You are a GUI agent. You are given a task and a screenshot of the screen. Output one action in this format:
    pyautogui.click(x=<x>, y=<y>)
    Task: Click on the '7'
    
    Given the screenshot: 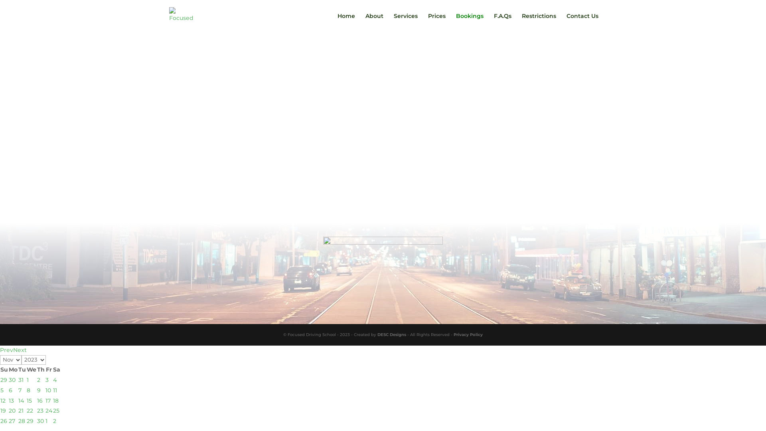 What is the action you would take?
    pyautogui.click(x=18, y=390)
    